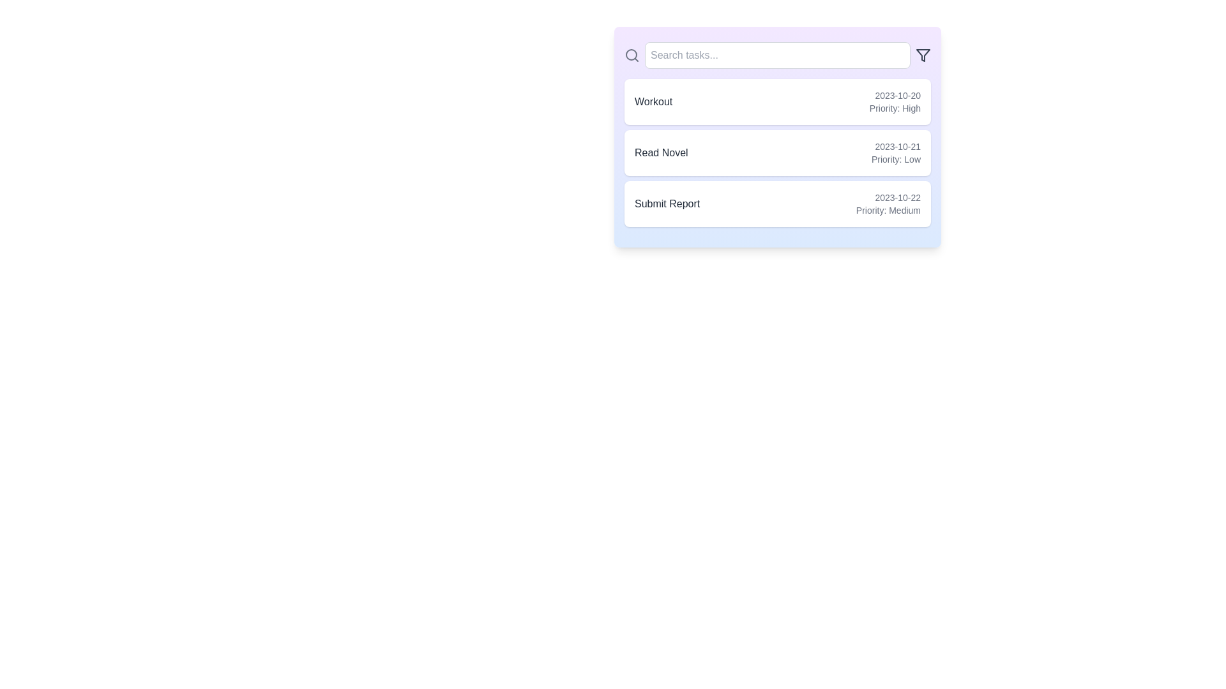 Image resolution: width=1226 pixels, height=689 pixels. Describe the element at coordinates (777, 204) in the screenshot. I see `the task item Submit Report to observe its hover effects` at that location.